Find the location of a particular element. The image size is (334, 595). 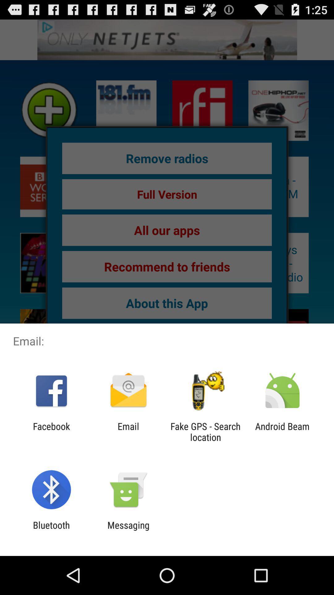

the app to the left of messaging item is located at coordinates (51, 530).